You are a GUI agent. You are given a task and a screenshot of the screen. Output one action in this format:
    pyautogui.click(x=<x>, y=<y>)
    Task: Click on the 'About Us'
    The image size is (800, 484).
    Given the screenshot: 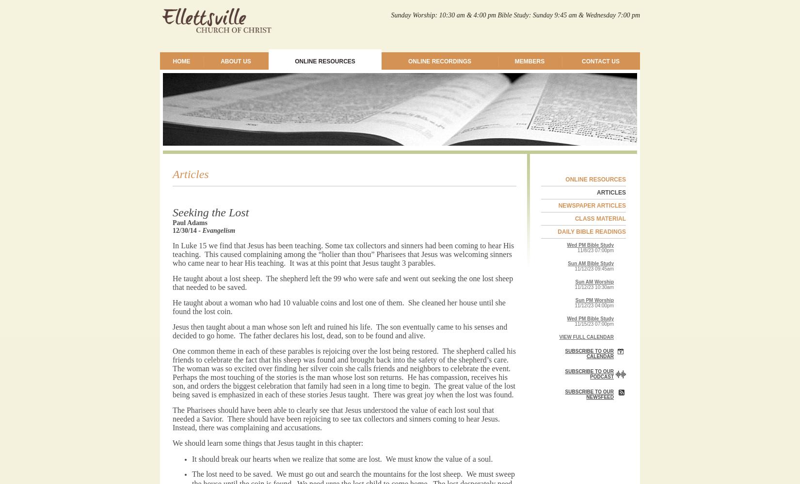 What is the action you would take?
    pyautogui.click(x=235, y=61)
    